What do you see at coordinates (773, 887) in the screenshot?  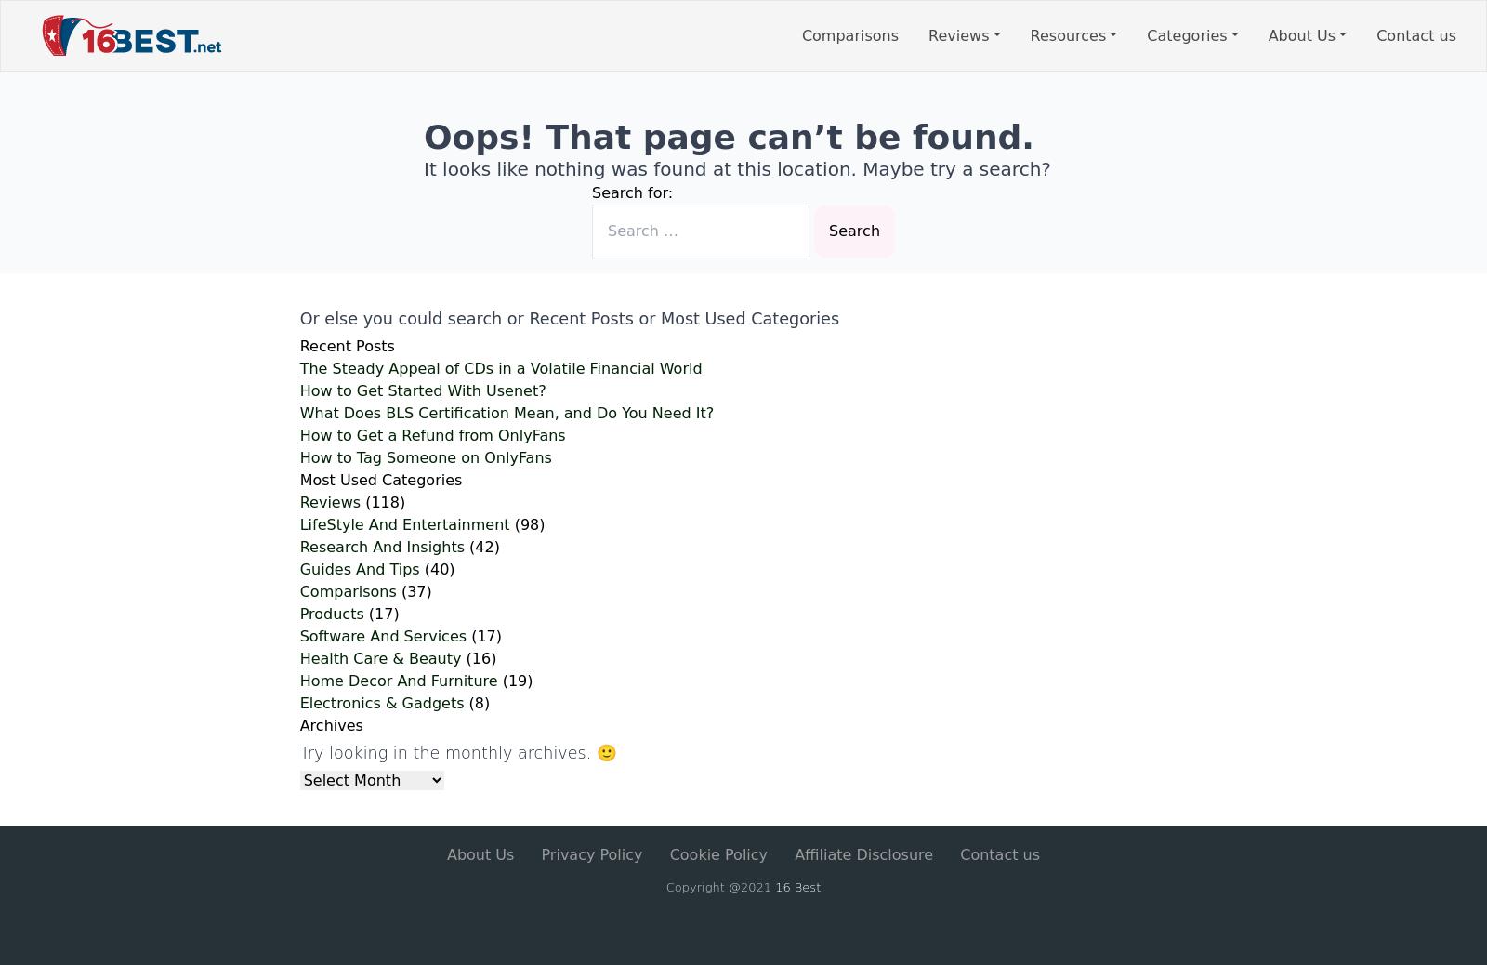 I see `'16 Best'` at bounding box center [773, 887].